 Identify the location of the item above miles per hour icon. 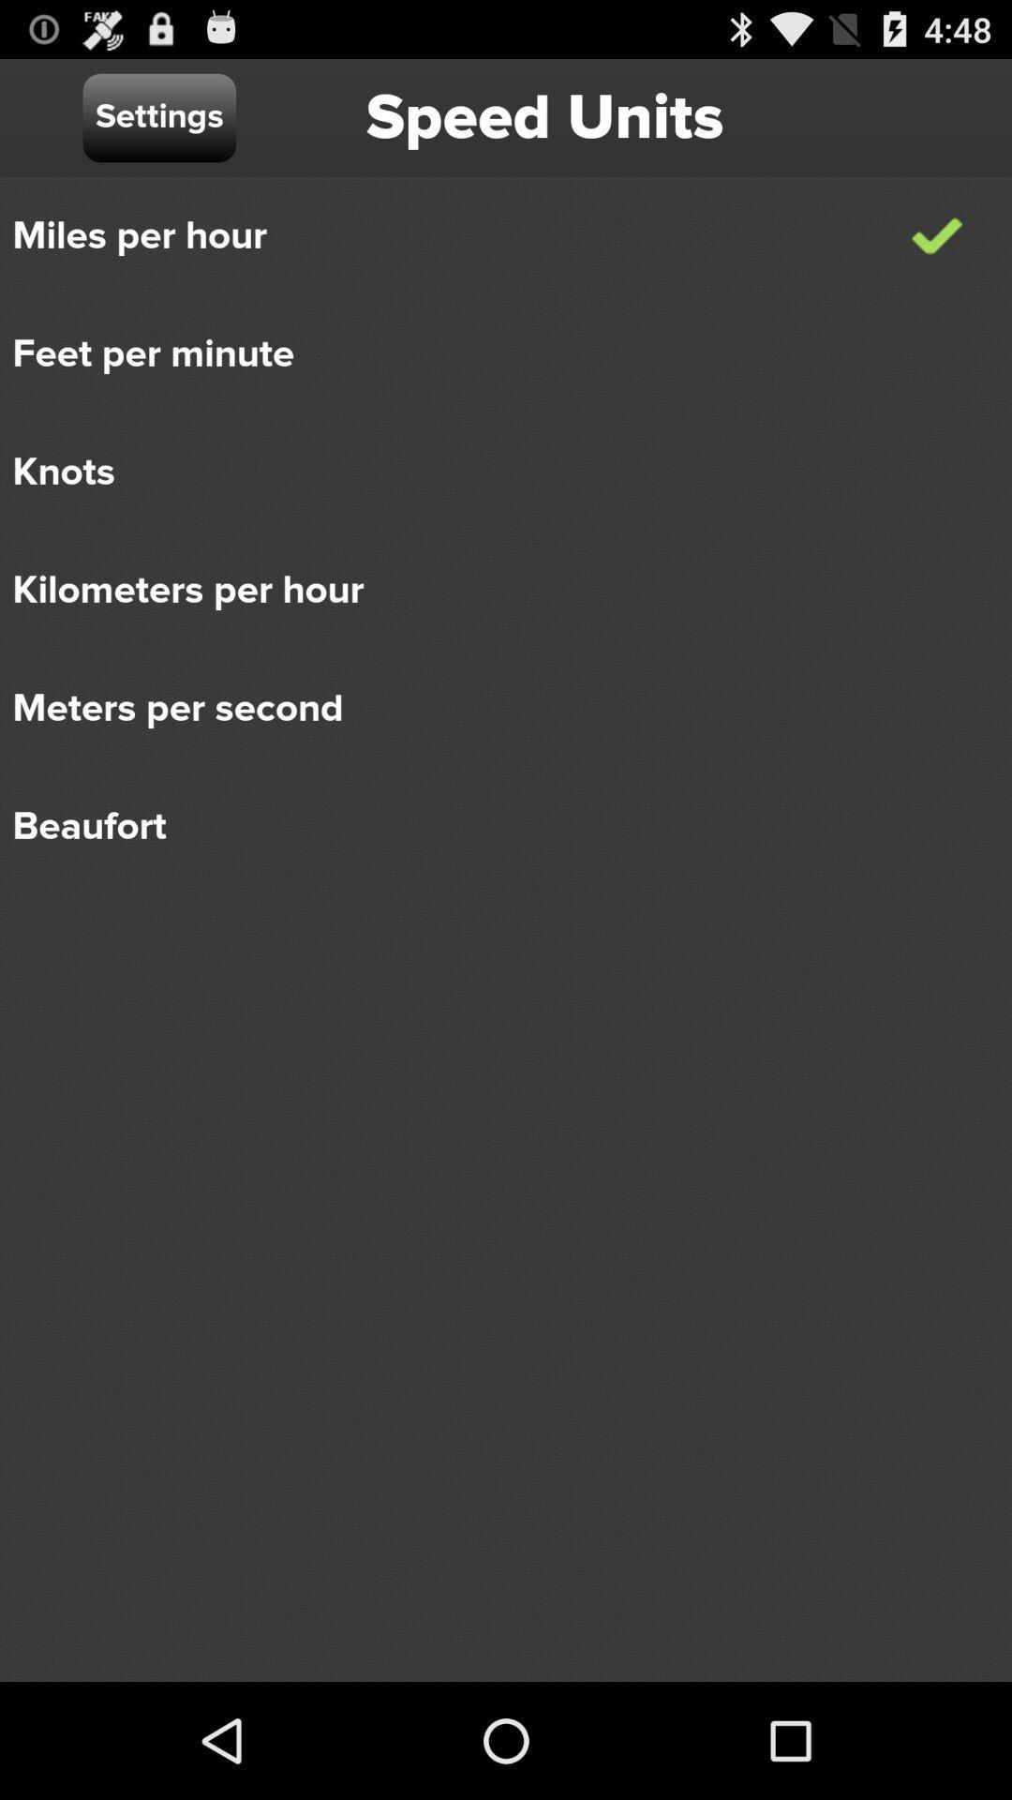
(158, 116).